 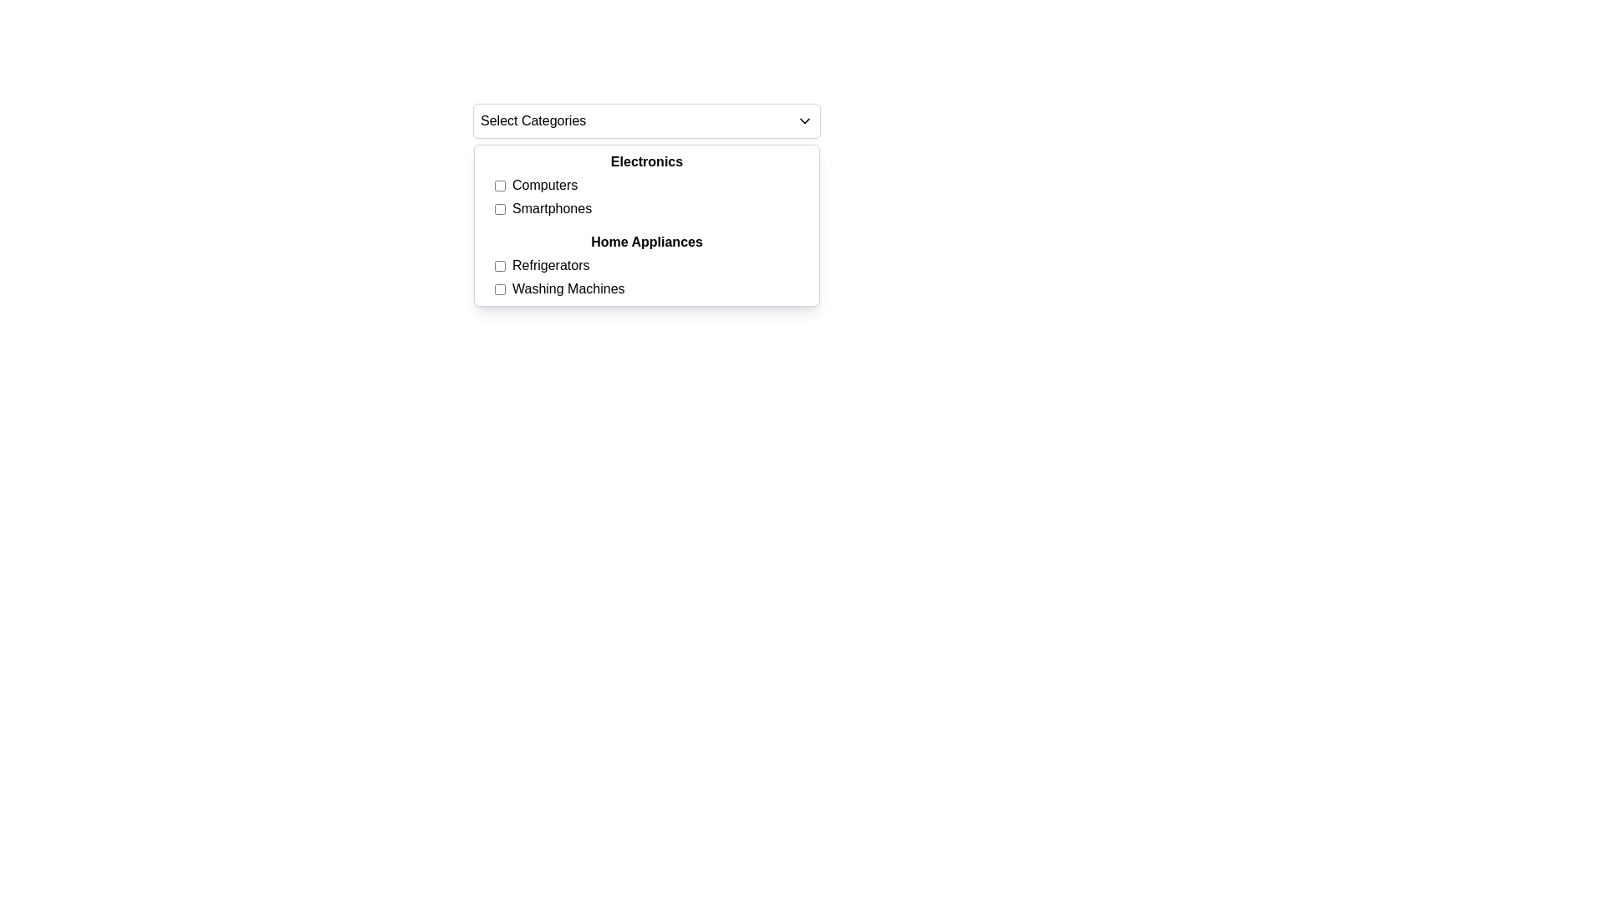 What do you see at coordinates (645, 186) in the screenshot?
I see `the background of the grouped list item with checkboxes for 'Electronics' to interact with the options for selecting 'Computers' or 'Smartphones'` at bounding box center [645, 186].